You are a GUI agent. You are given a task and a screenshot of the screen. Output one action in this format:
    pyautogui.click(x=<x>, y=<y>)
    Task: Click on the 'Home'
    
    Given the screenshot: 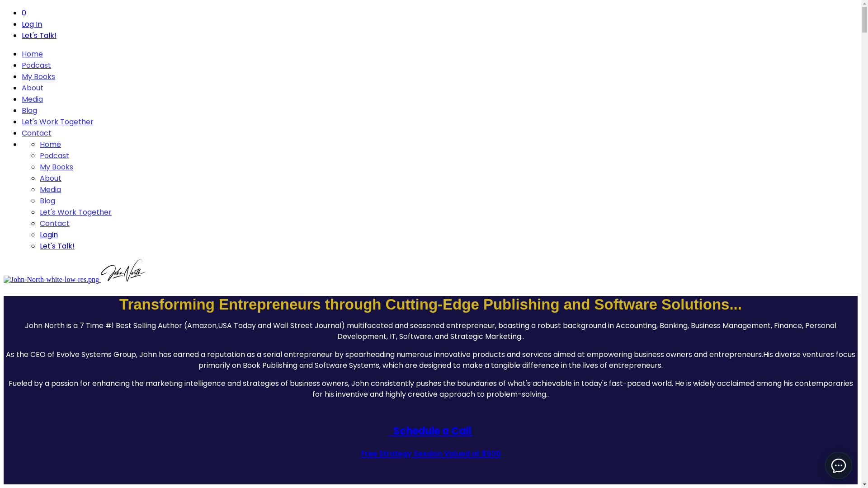 What is the action you would take?
    pyautogui.click(x=50, y=144)
    